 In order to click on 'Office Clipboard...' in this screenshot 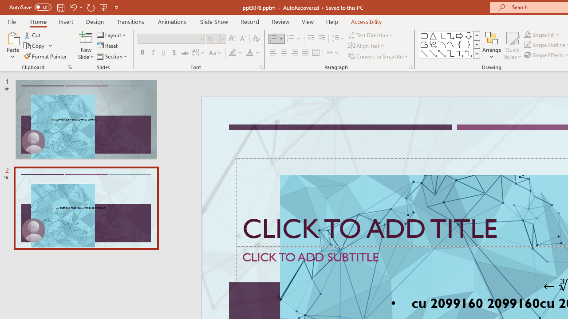, I will do `click(69, 66)`.